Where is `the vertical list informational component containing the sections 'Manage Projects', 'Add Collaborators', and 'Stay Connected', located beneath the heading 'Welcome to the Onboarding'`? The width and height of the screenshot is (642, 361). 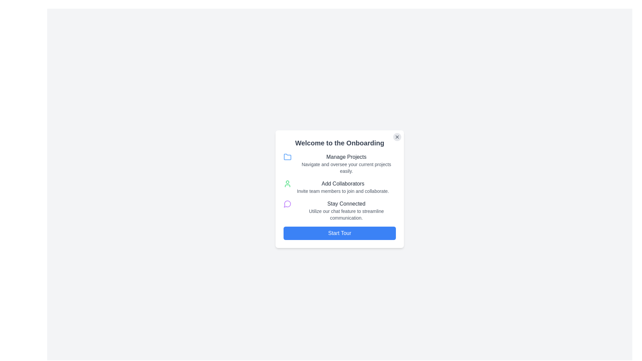 the vertical list informational component containing the sections 'Manage Projects', 'Add Collaborators', and 'Stay Connected', located beneath the heading 'Welcome to the Onboarding' is located at coordinates (340, 187).